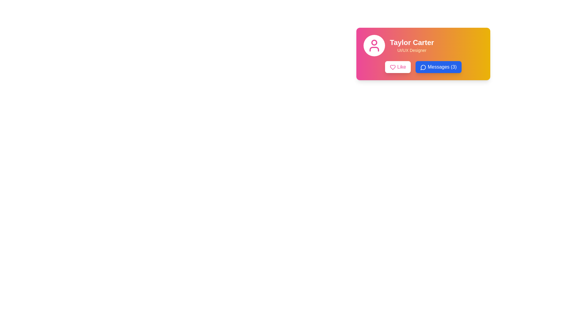 The width and height of the screenshot is (574, 322). I want to click on the 'Like' button with pink text and a heart icon, so click(398, 67).